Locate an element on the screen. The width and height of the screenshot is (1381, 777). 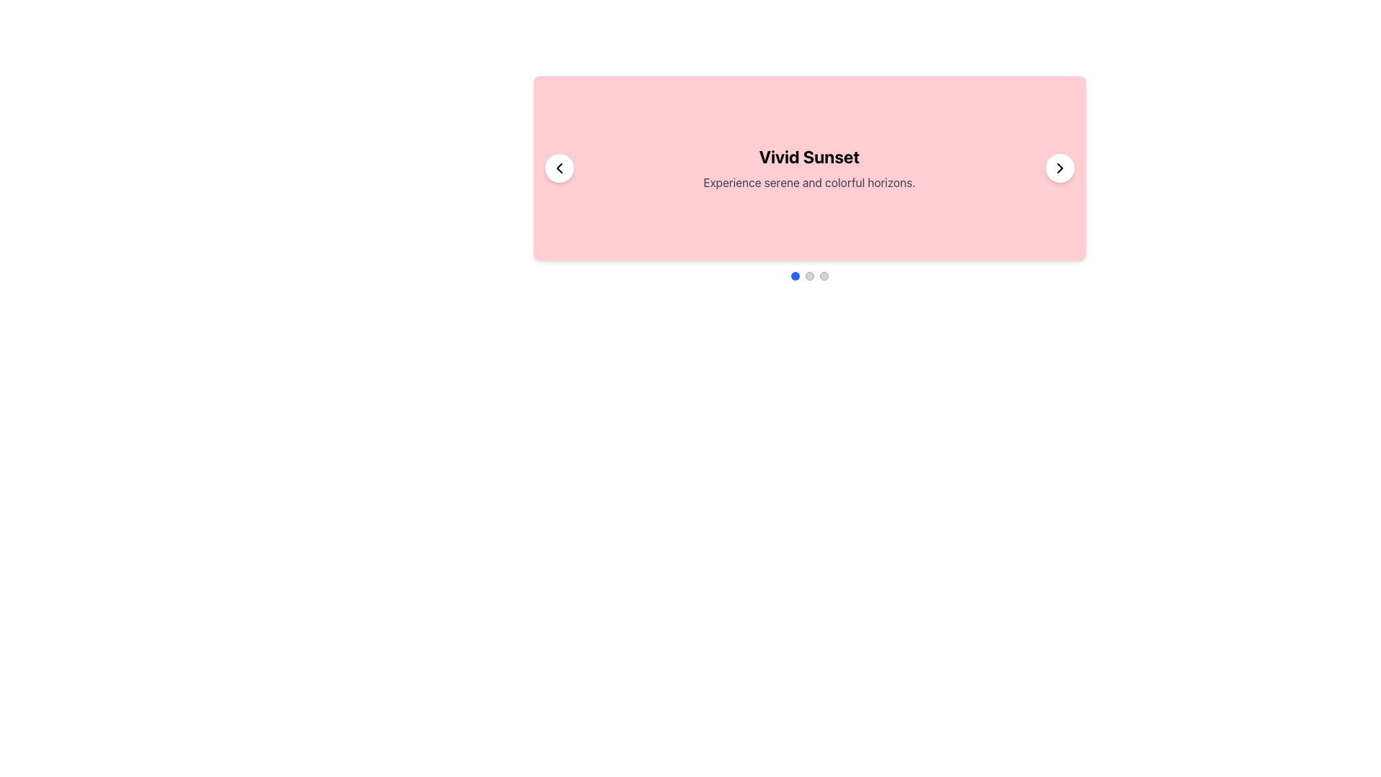
the second gray circle of the Interactive State Indicator or Pagination Dot Set located at the bottom center beneath the title 'Vivid Sunset' is located at coordinates (809, 276).